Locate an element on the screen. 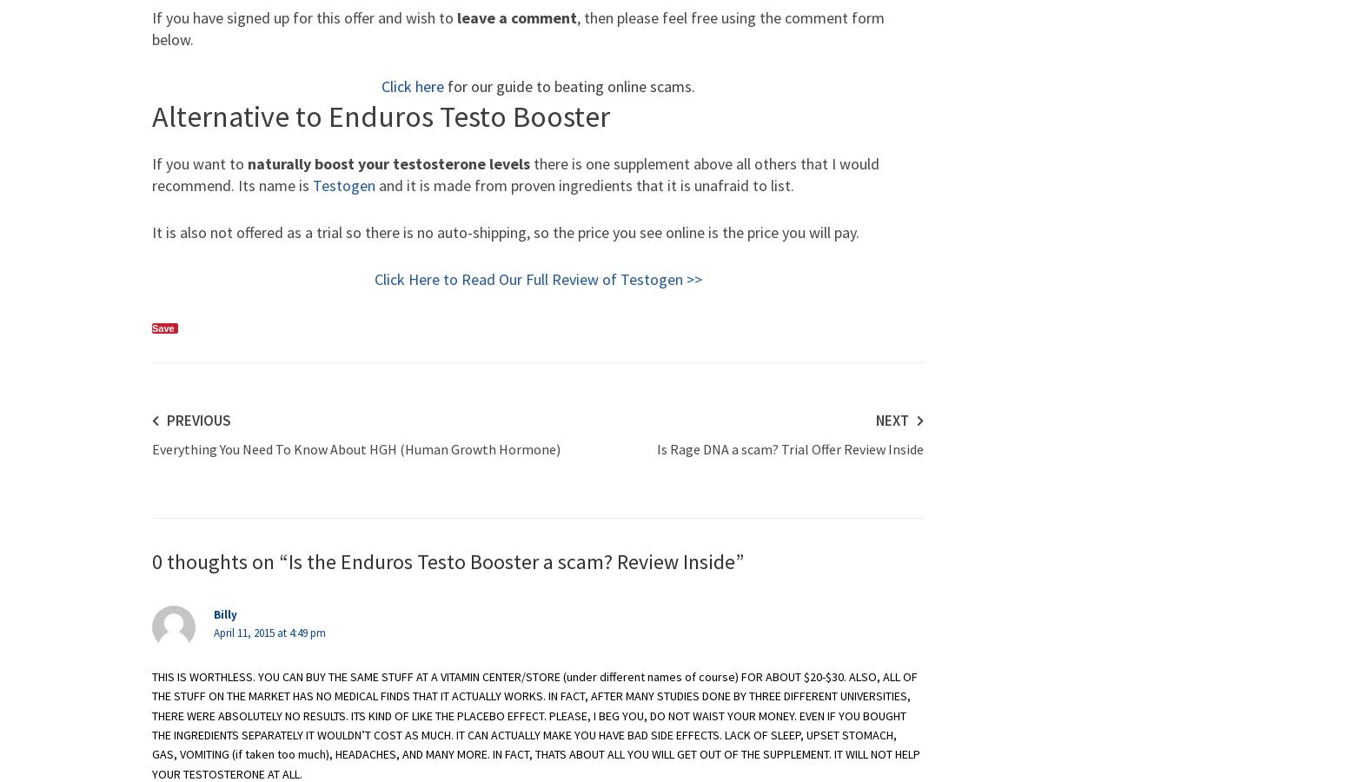 The width and height of the screenshot is (1347, 782). 'Save' is located at coordinates (162, 328).